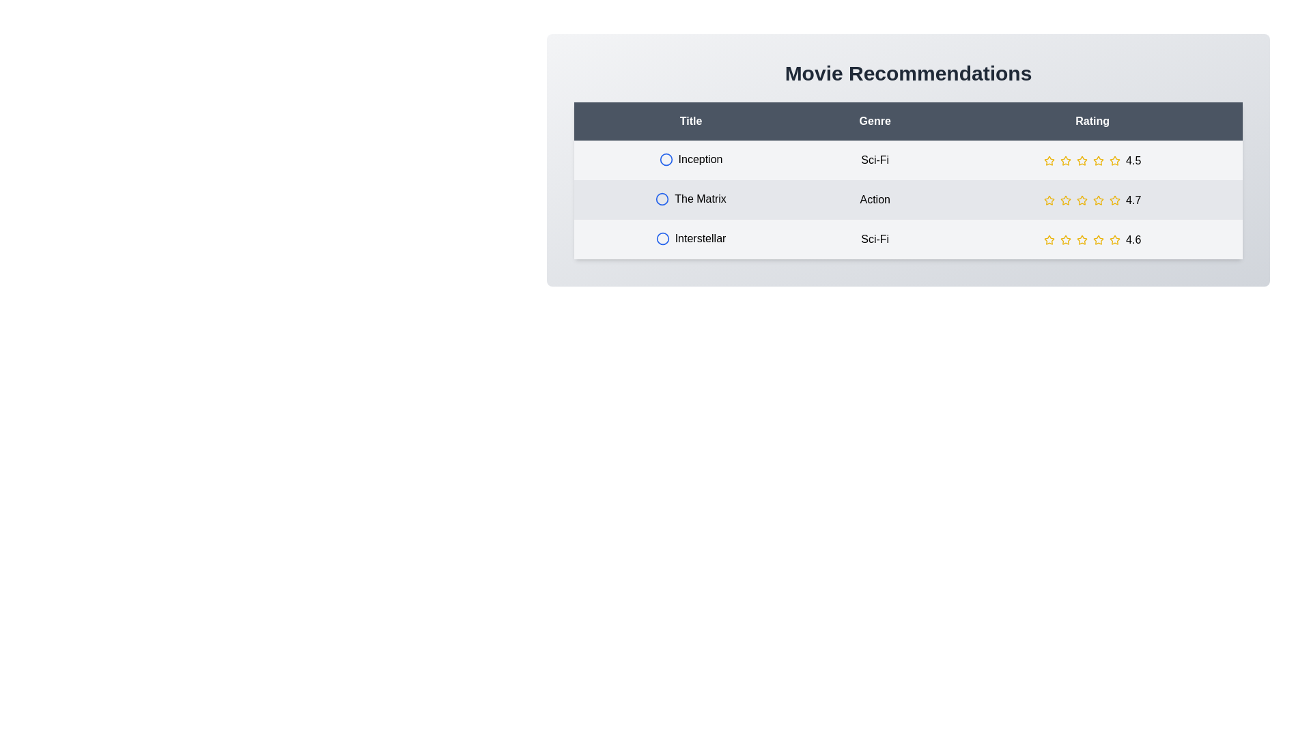 The image size is (1311, 737). Describe the element at coordinates (1081, 160) in the screenshot. I see `the star rating for a movie to 3 stars` at that location.